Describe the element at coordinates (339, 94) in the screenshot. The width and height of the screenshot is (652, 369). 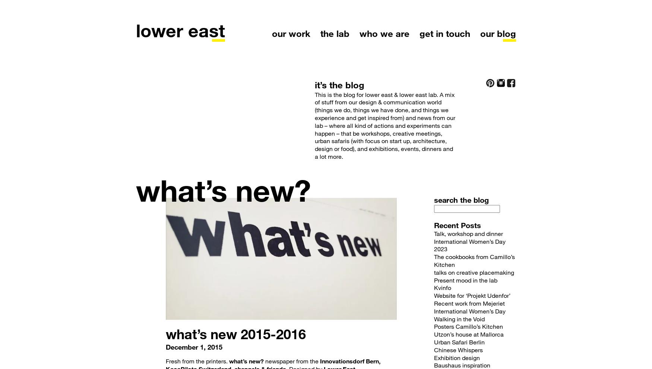
I see `'This is the blog for'` at that location.